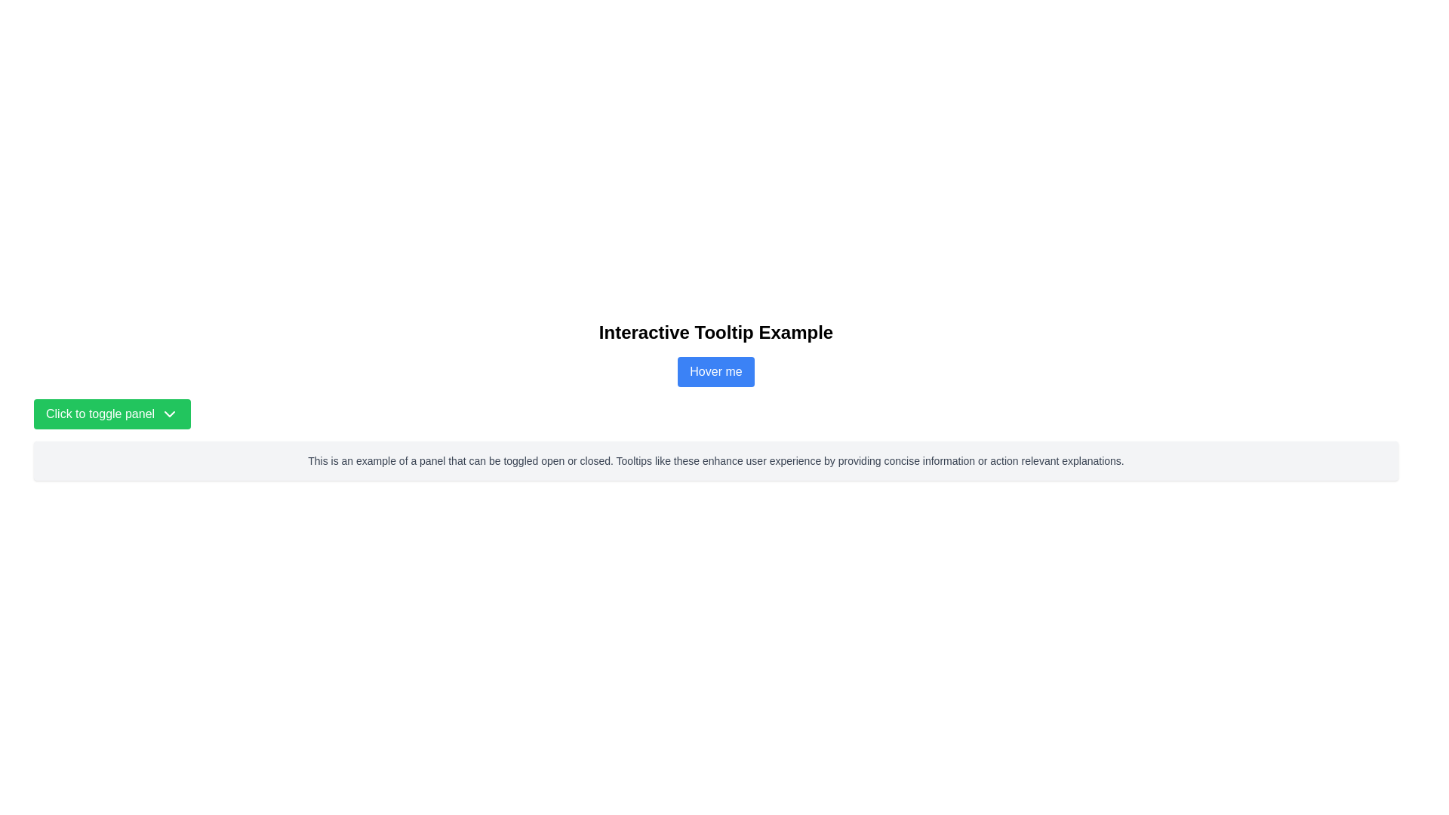  What do you see at coordinates (715, 460) in the screenshot?
I see `descriptive text block that informs users about the functionality and benefits of tooltips, which is centrally located within a larger gray box below the green 'Click to toggle panel' button and the blue 'Hover me' button` at bounding box center [715, 460].